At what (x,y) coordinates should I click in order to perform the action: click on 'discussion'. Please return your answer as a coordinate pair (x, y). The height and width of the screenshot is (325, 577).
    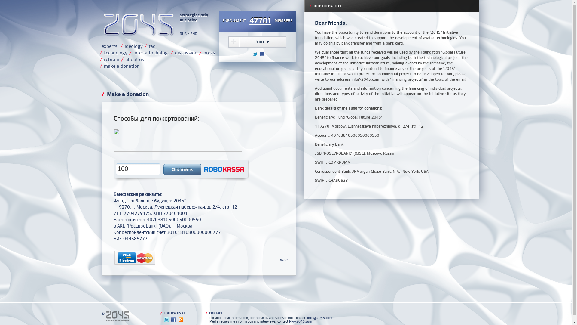
    Looking at the image, I should click on (186, 52).